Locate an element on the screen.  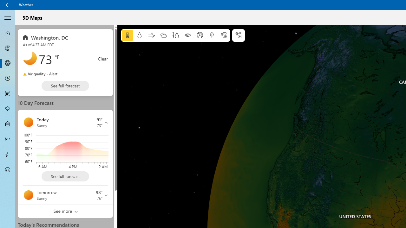
'Historical Weather - Not Selected' is located at coordinates (8, 139).